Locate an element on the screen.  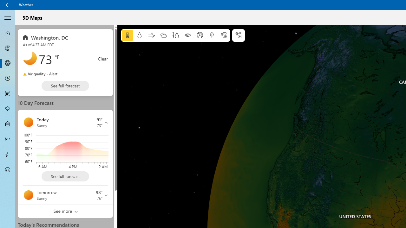
'Historical Weather - Not Selected' is located at coordinates (8, 139).